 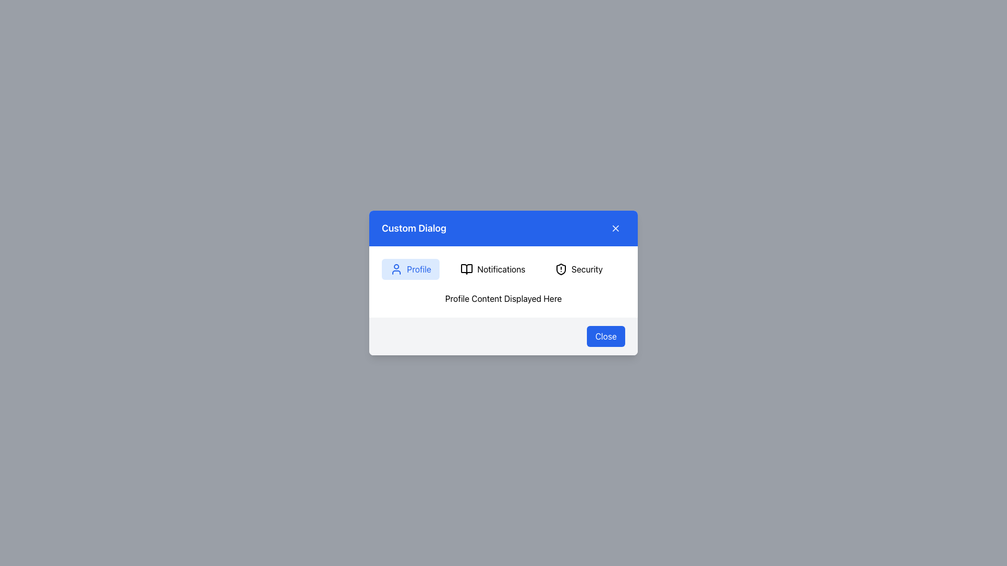 What do you see at coordinates (606, 336) in the screenshot?
I see `the close button located at the bottom-right corner of the dialog box footer` at bounding box center [606, 336].